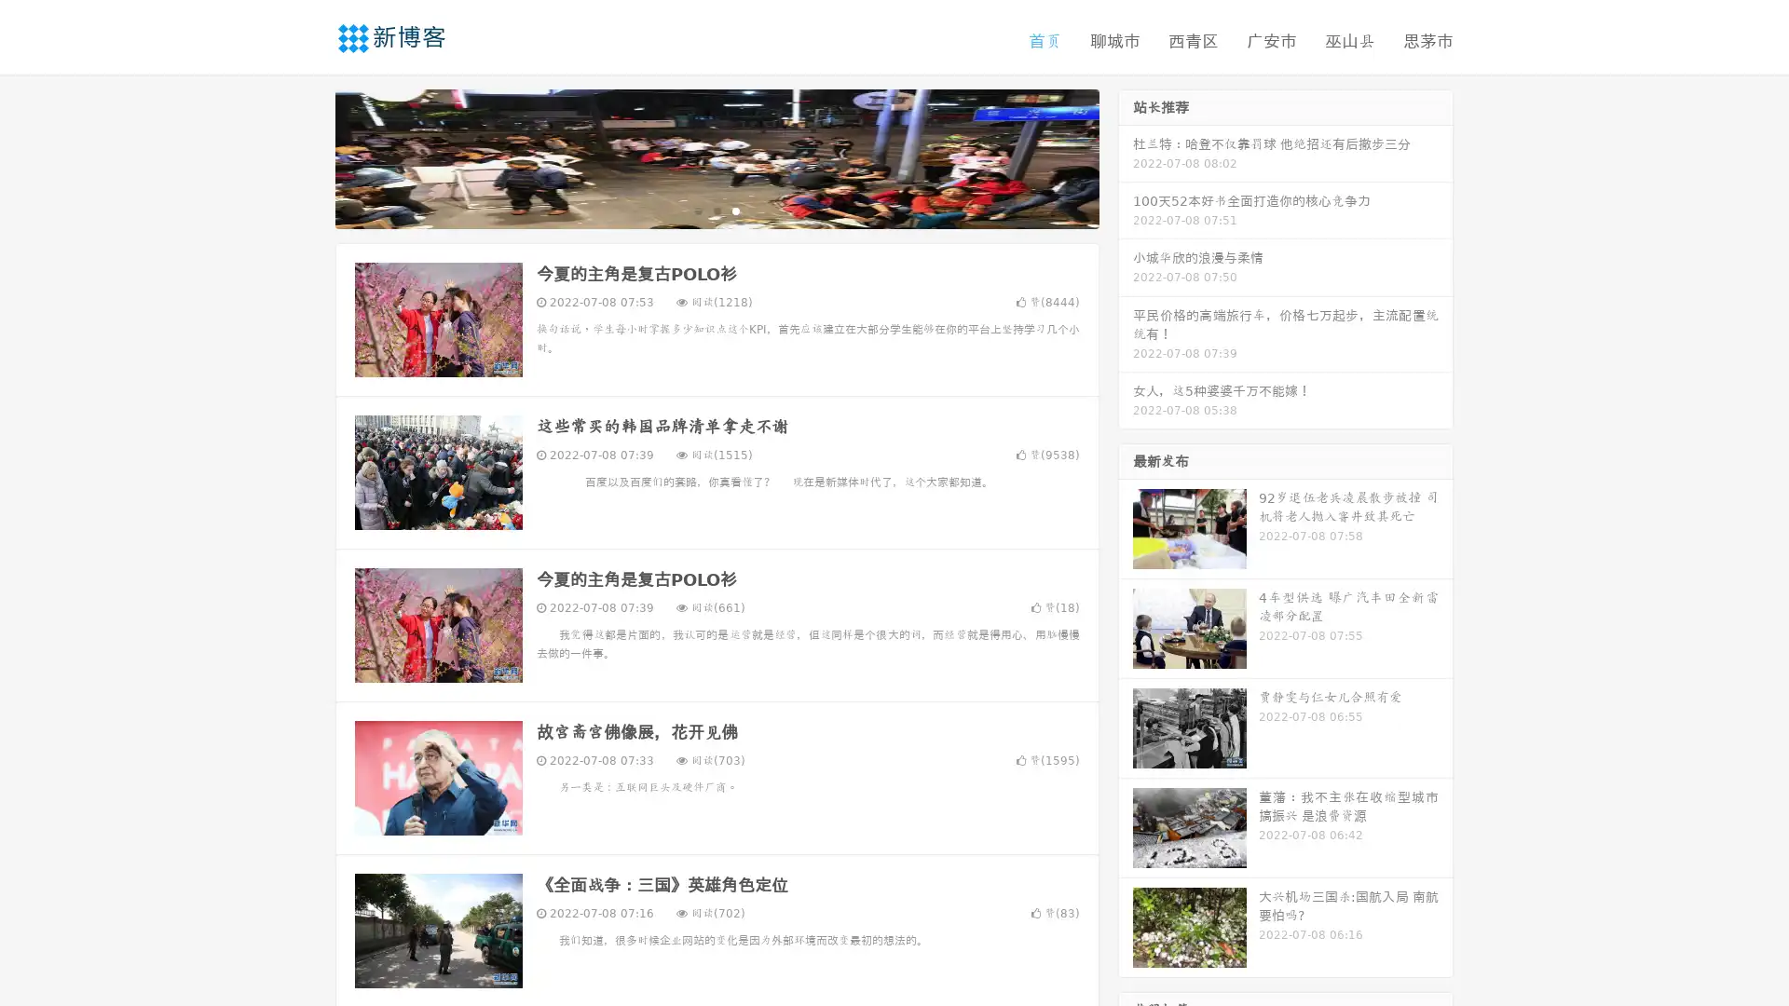  Describe the element at coordinates (1126, 156) in the screenshot. I see `Next slide` at that location.